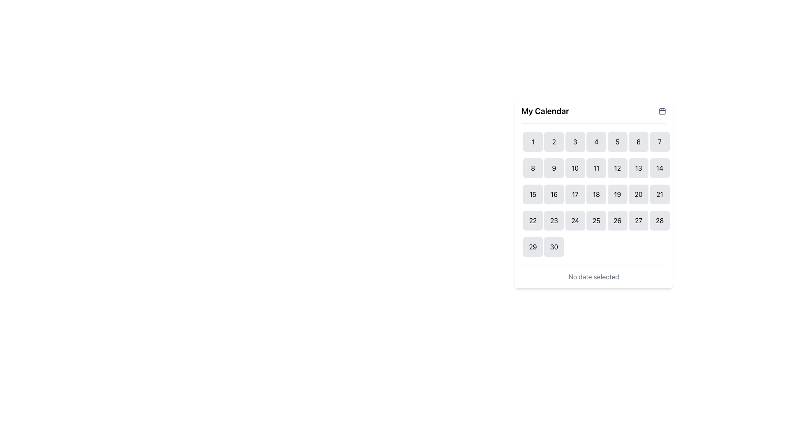 The width and height of the screenshot is (789, 443). What do you see at coordinates (574, 167) in the screenshot?
I see `the square-shaped button with a rounded border and the number '10' in bold black text` at bounding box center [574, 167].